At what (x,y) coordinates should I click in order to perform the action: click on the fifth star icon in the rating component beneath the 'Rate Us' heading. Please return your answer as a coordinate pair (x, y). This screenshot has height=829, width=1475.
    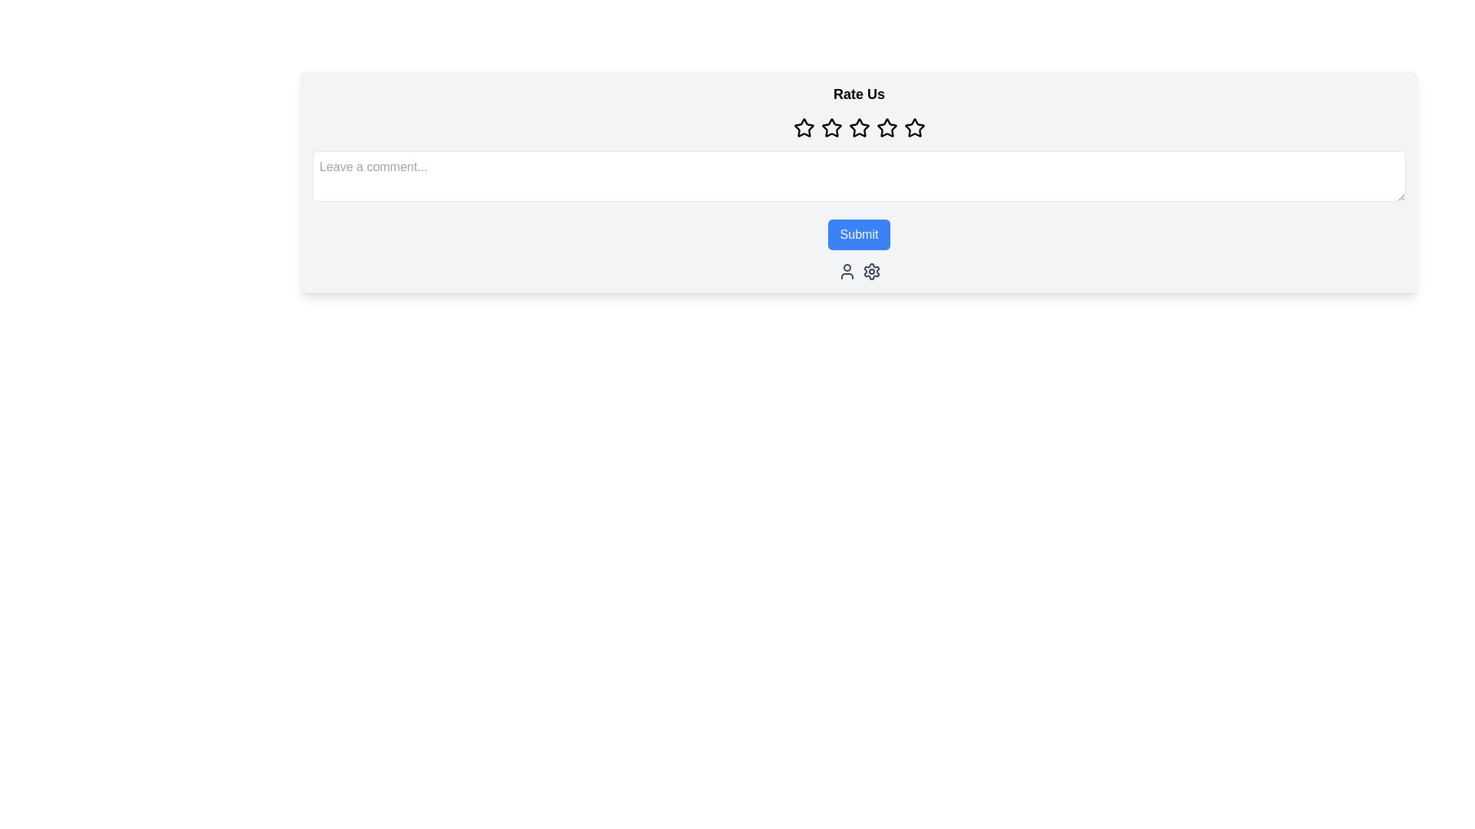
    Looking at the image, I should click on (914, 127).